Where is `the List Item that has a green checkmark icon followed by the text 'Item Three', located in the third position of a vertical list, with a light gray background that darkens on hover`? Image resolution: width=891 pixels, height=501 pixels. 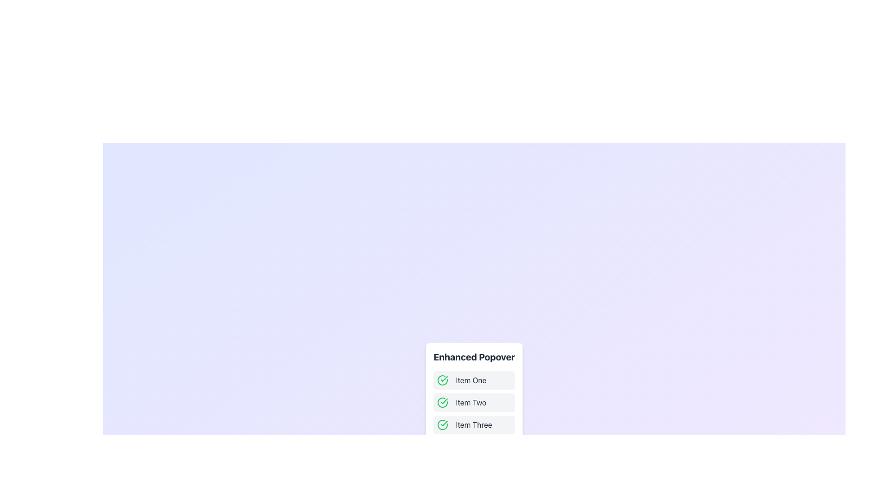
the List Item that has a green checkmark icon followed by the text 'Item Three', located in the third position of a vertical list, with a light gray background that darkens on hover is located at coordinates (474, 424).